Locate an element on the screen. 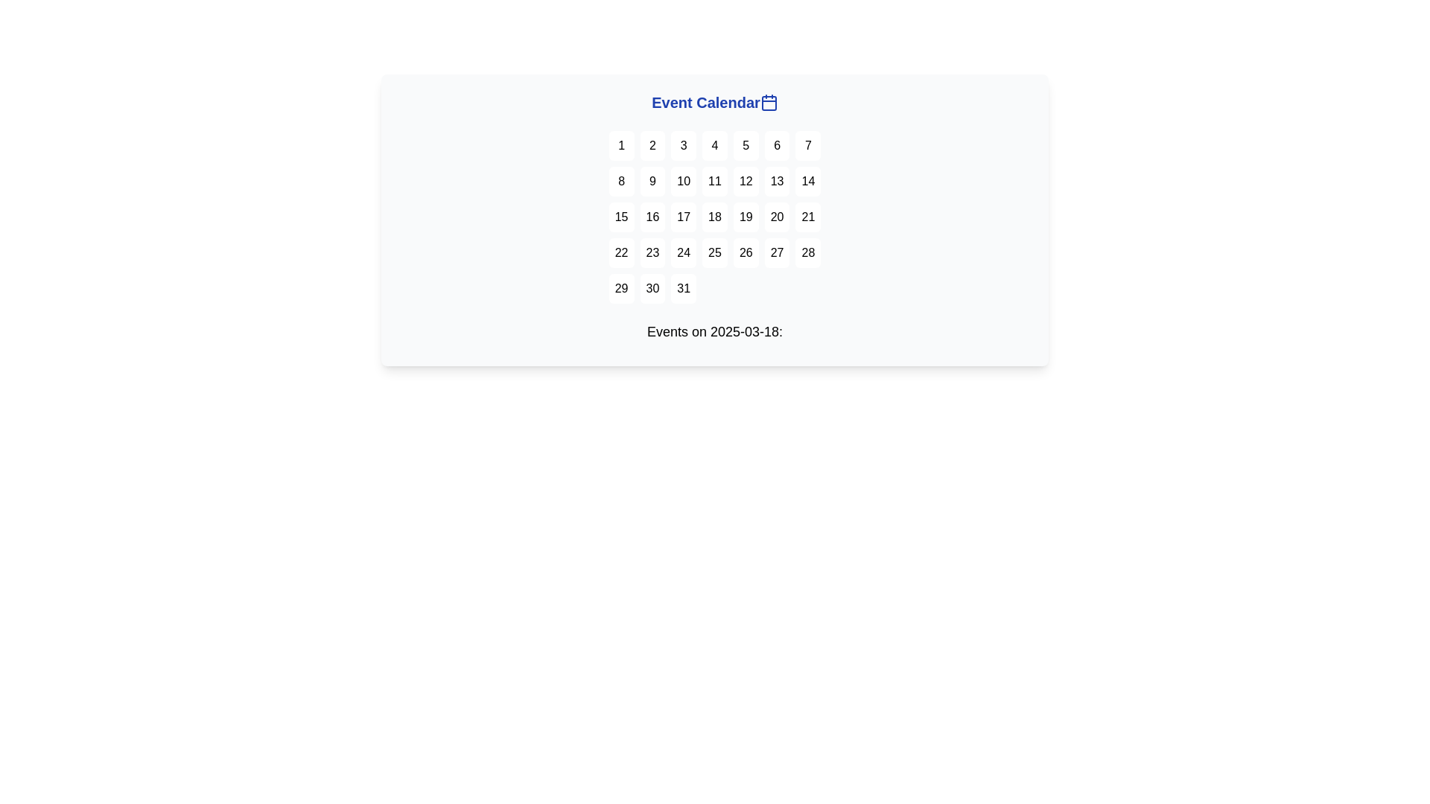 This screenshot has height=804, width=1430. the date button located in the calendar grid, which is positioned below the number '1' and above '15' is located at coordinates (621, 180).